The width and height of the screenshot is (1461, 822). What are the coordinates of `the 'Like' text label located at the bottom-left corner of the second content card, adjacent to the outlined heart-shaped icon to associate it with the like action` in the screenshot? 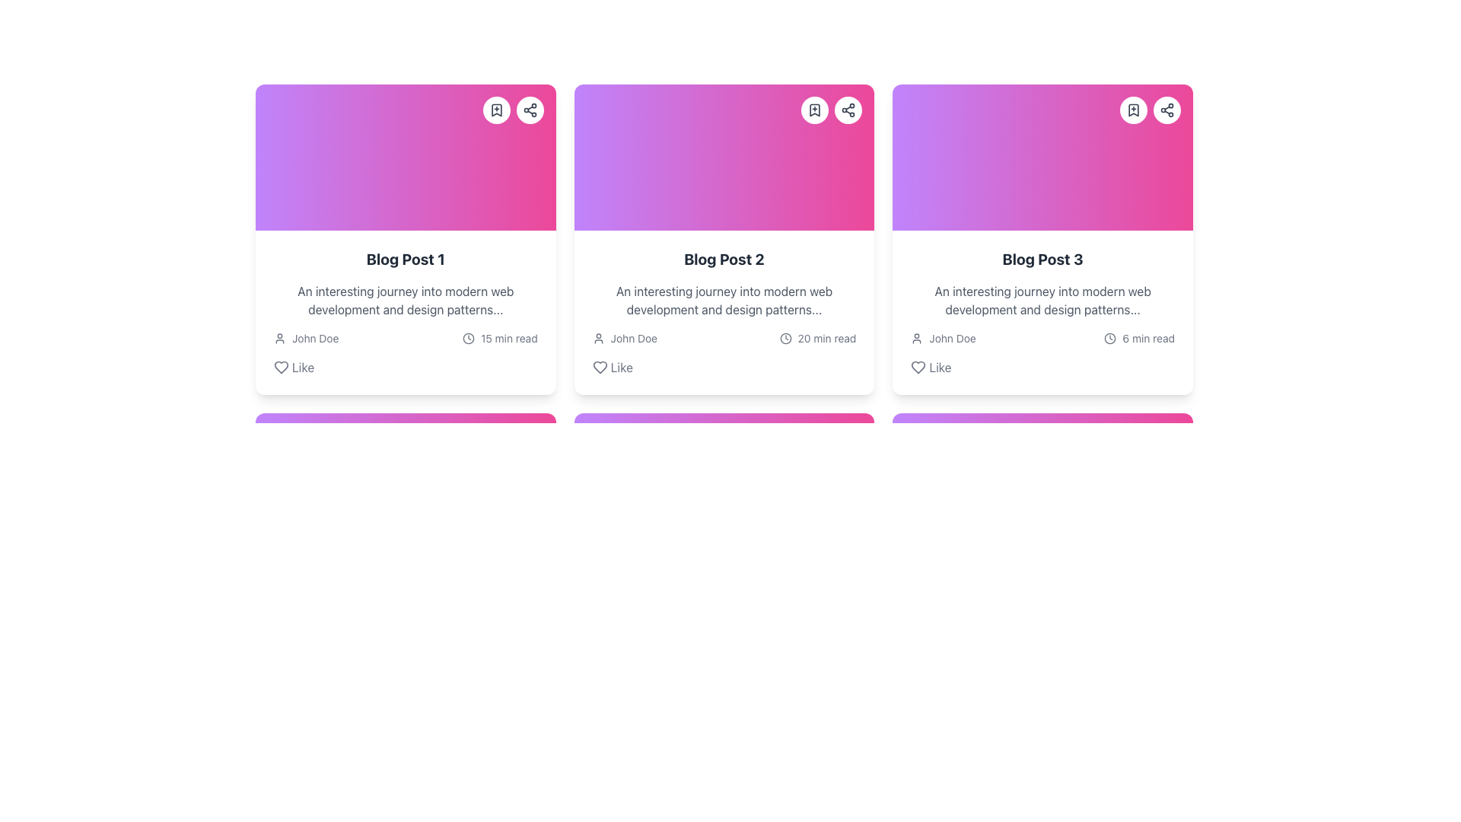 It's located at (622, 367).